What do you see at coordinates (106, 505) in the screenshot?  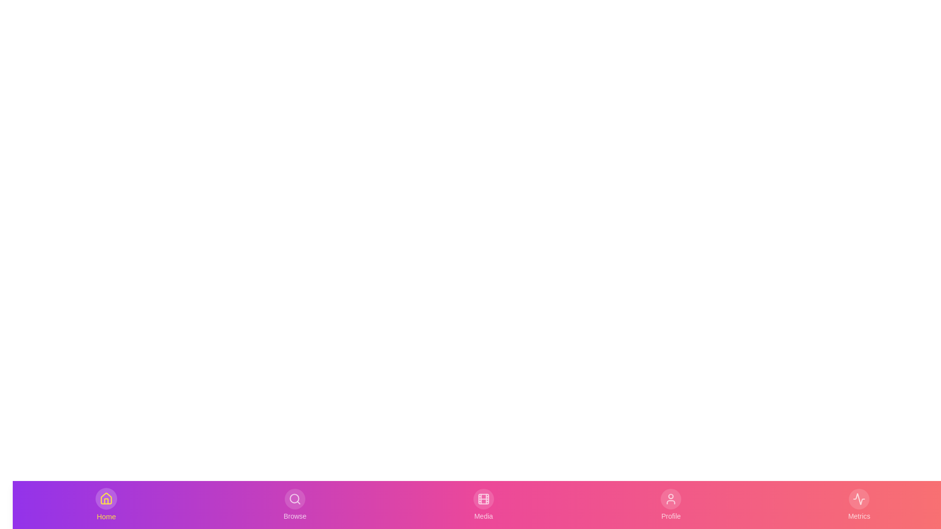 I see `the Home tab to view its interaction effects` at bounding box center [106, 505].